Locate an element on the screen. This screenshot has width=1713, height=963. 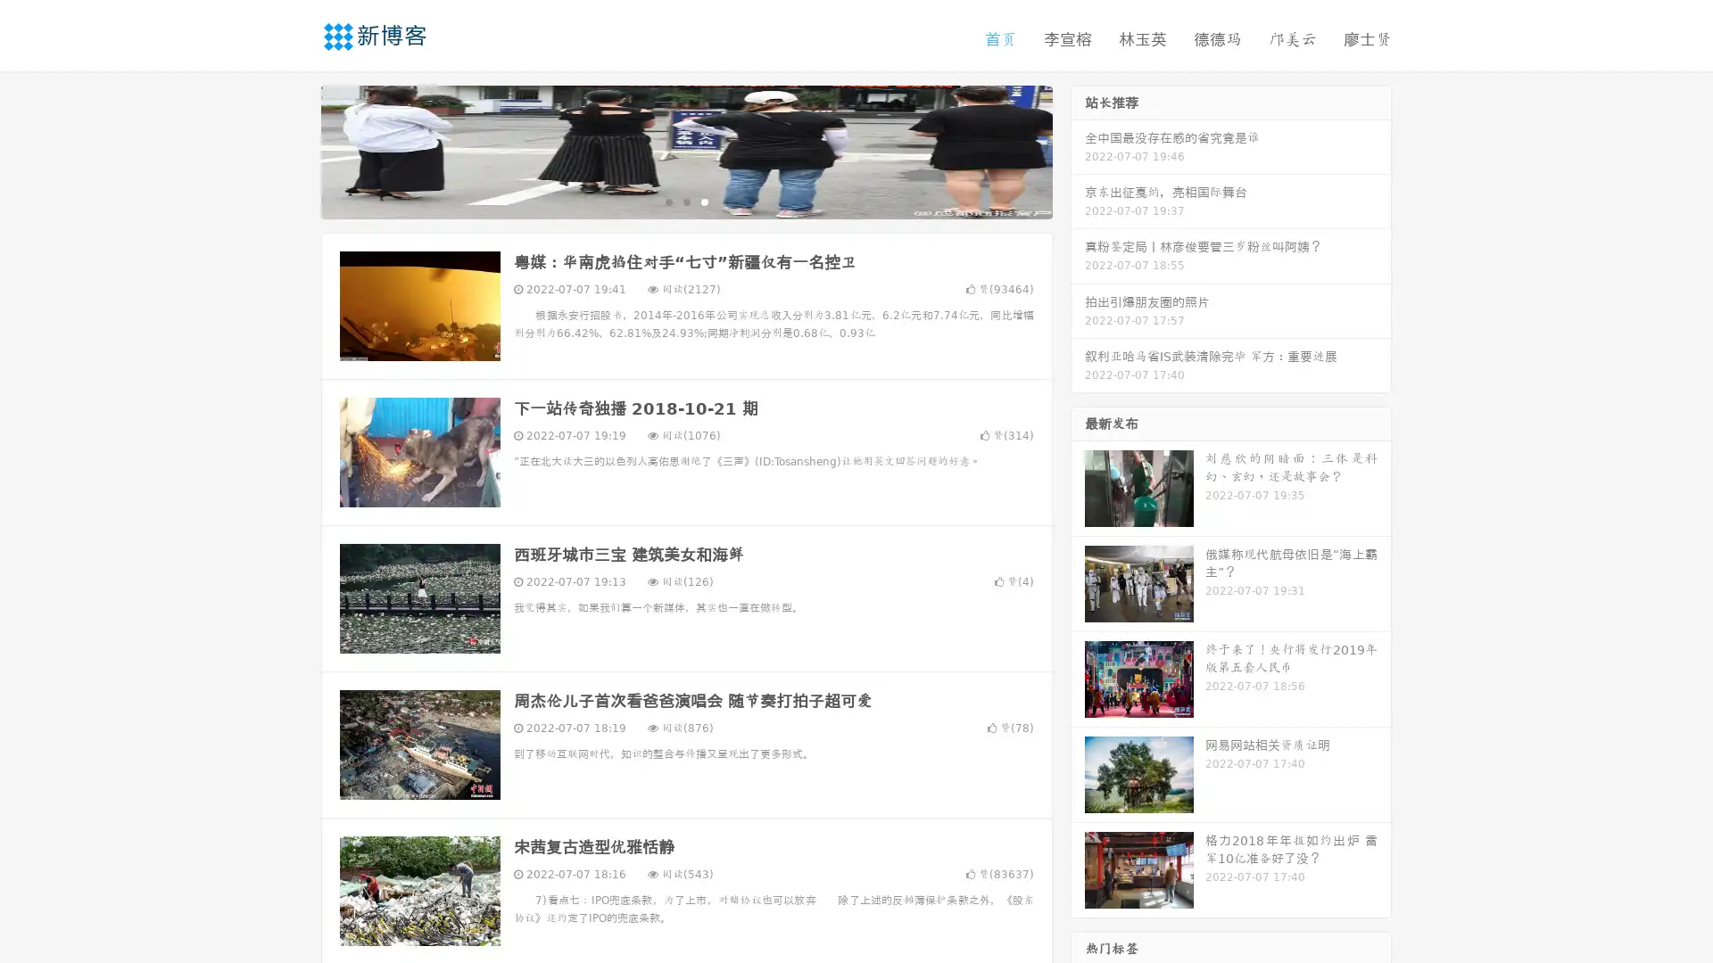
Go to slide 1 is located at coordinates (667, 201).